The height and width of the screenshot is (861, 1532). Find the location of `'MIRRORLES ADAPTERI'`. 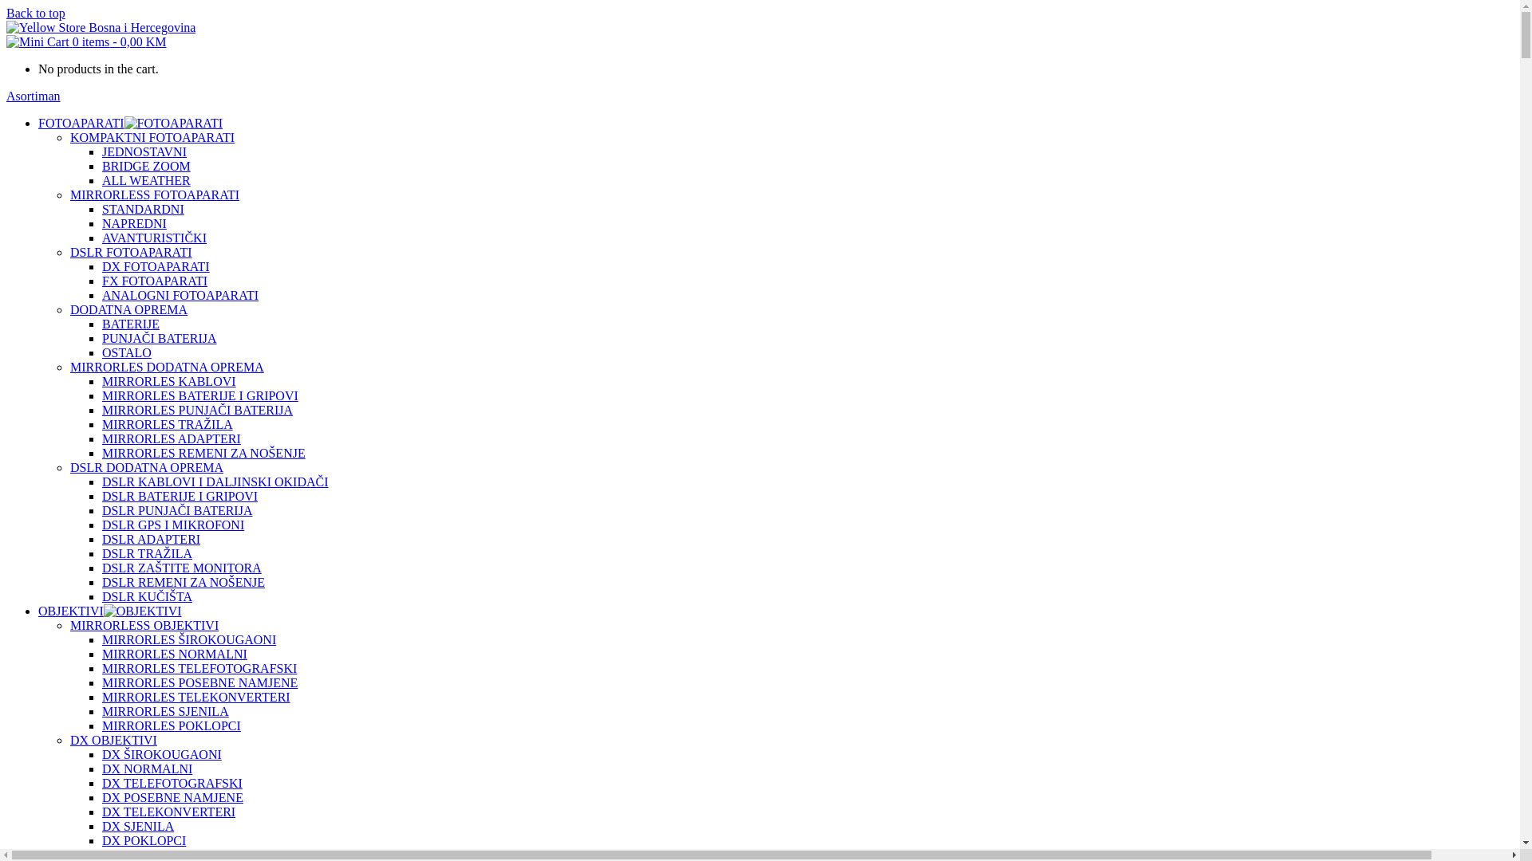

'MIRRORLES ADAPTERI' is located at coordinates (101, 438).